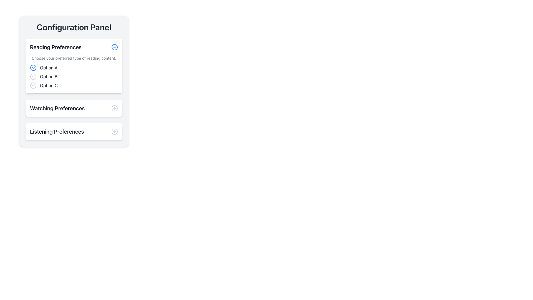 This screenshot has height=300, width=533. What do you see at coordinates (114, 132) in the screenshot?
I see `the 'add' button located on the far right end of the 'Listening Preferences' section` at bounding box center [114, 132].